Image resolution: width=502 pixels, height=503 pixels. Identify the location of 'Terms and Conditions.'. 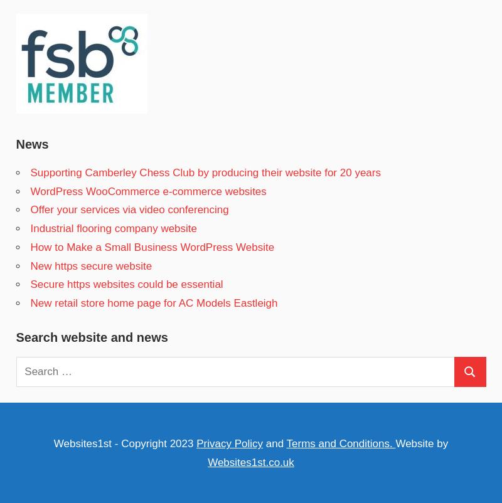
(285, 443).